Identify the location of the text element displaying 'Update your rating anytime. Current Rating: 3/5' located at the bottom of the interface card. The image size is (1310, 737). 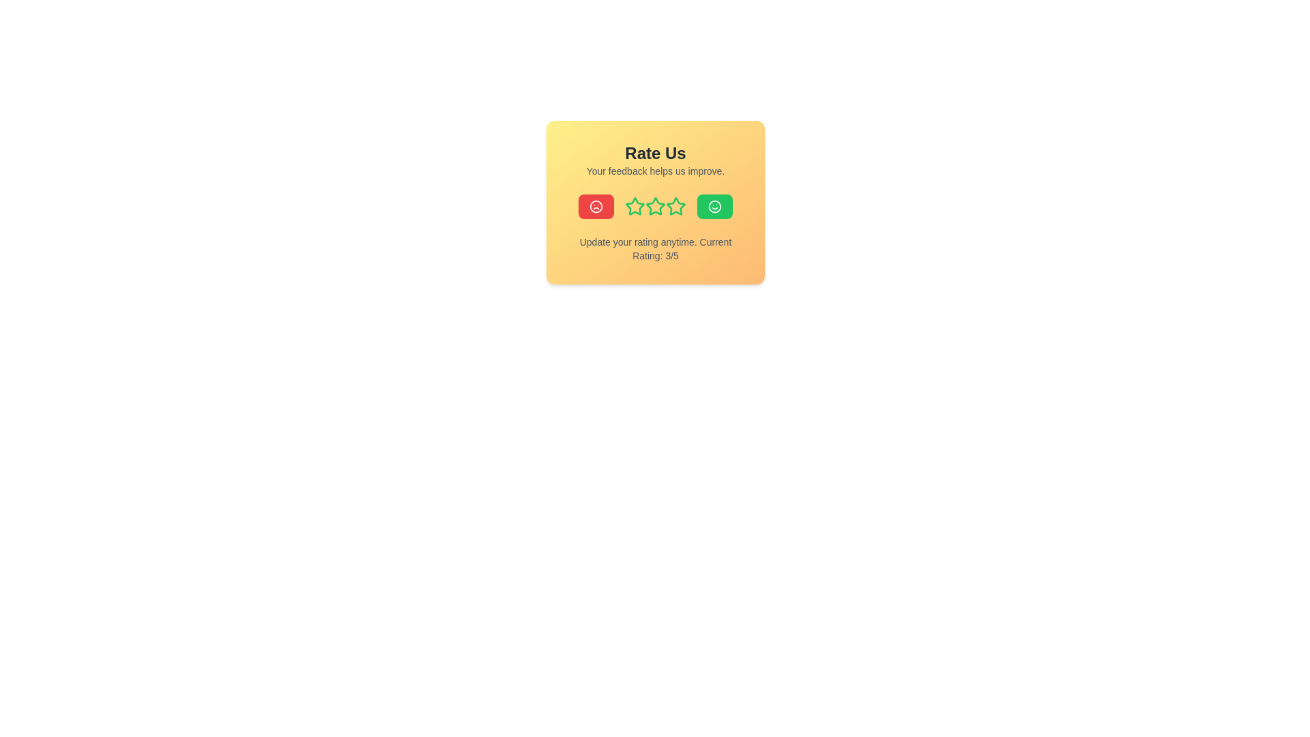
(655, 249).